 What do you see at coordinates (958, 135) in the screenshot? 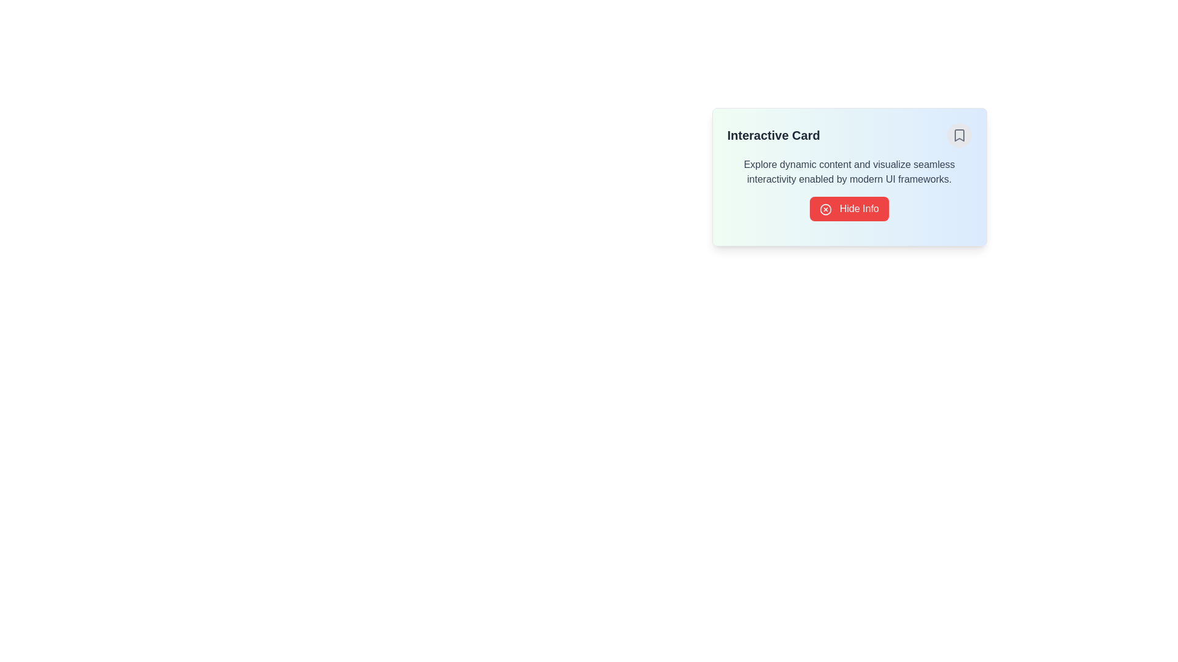
I see `the bookmark icon located at the top-right corner of the card UI component` at bounding box center [958, 135].